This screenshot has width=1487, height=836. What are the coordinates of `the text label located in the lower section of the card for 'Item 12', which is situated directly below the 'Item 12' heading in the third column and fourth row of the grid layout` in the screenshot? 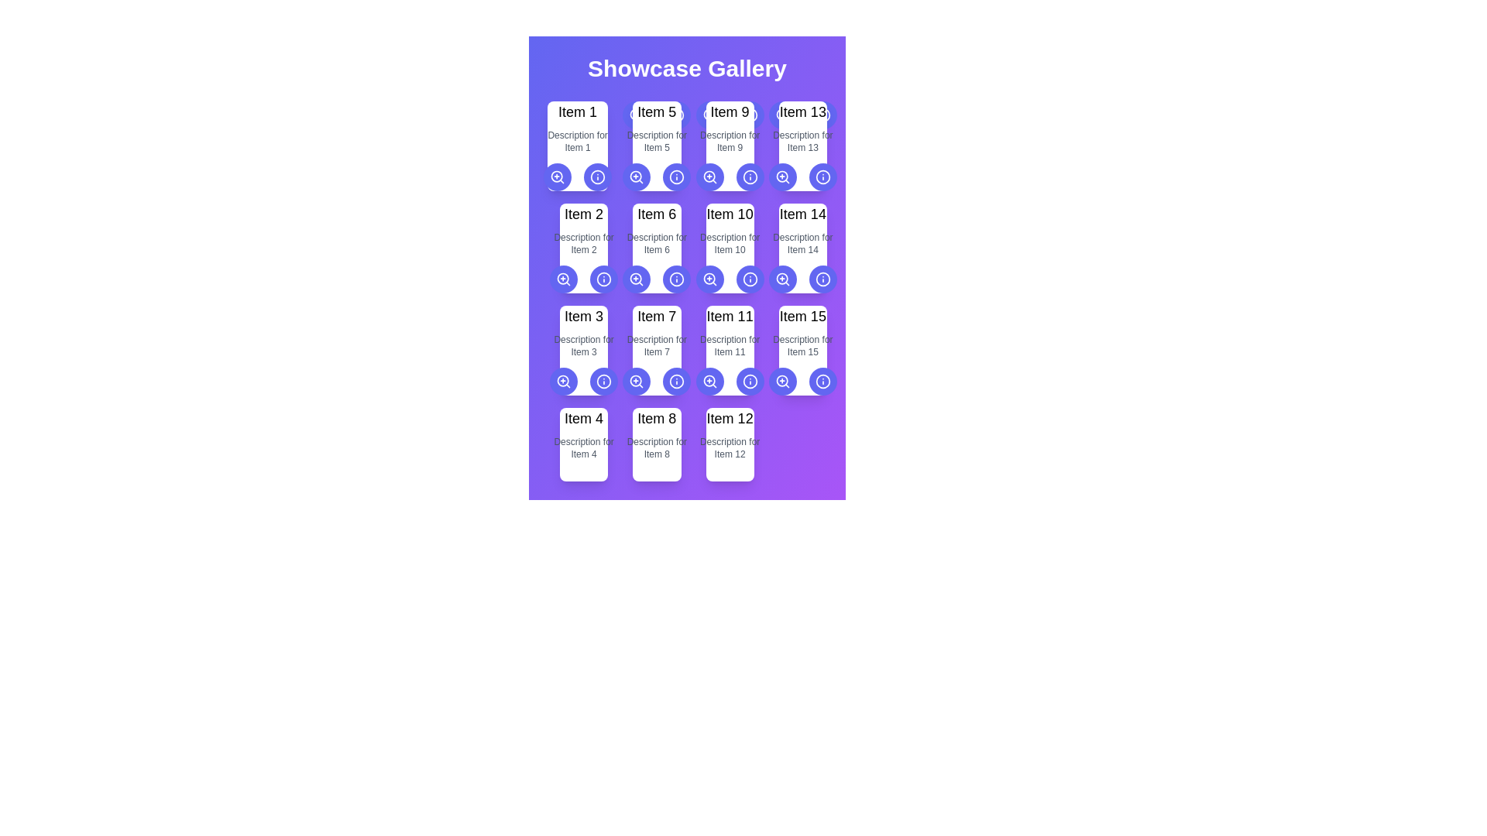 It's located at (729, 447).